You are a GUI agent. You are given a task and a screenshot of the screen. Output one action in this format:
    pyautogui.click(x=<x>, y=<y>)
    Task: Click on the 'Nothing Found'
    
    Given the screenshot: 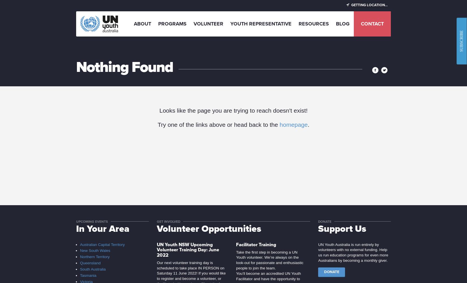 What is the action you would take?
    pyautogui.click(x=124, y=67)
    